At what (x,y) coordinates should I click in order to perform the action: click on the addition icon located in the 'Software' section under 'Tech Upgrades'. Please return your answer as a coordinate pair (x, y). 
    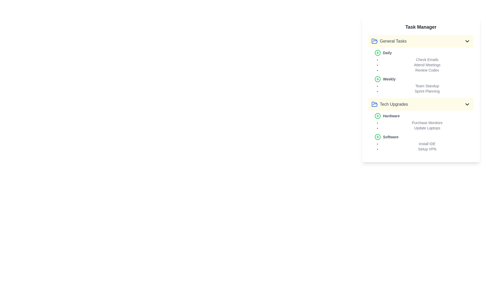
    Looking at the image, I should click on (377, 136).